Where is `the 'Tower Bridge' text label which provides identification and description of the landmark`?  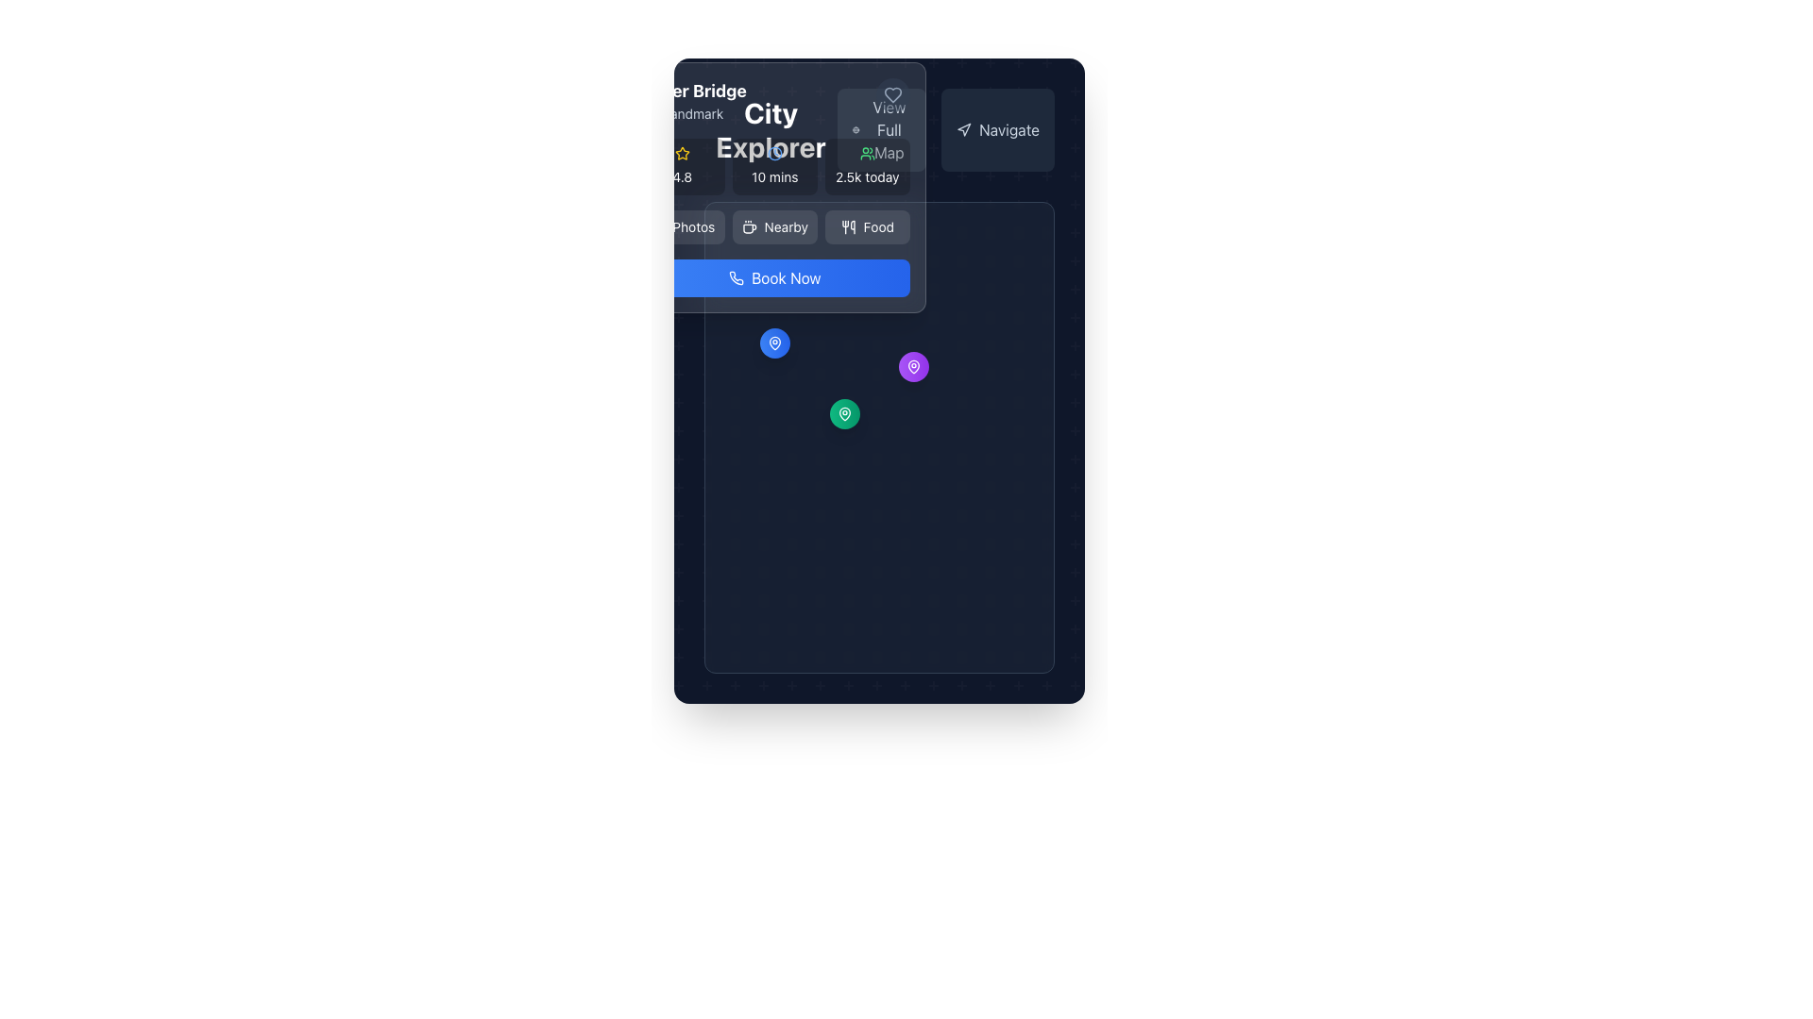
the 'Tower Bridge' text label which provides identification and description of the landmark is located at coordinates (692, 101).